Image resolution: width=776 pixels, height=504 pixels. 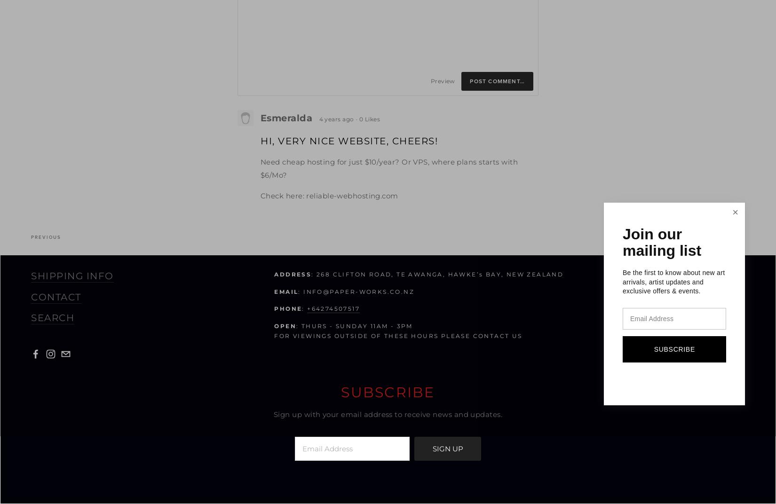 What do you see at coordinates (736, 237) in the screenshot?
I see `'Next'` at bounding box center [736, 237].